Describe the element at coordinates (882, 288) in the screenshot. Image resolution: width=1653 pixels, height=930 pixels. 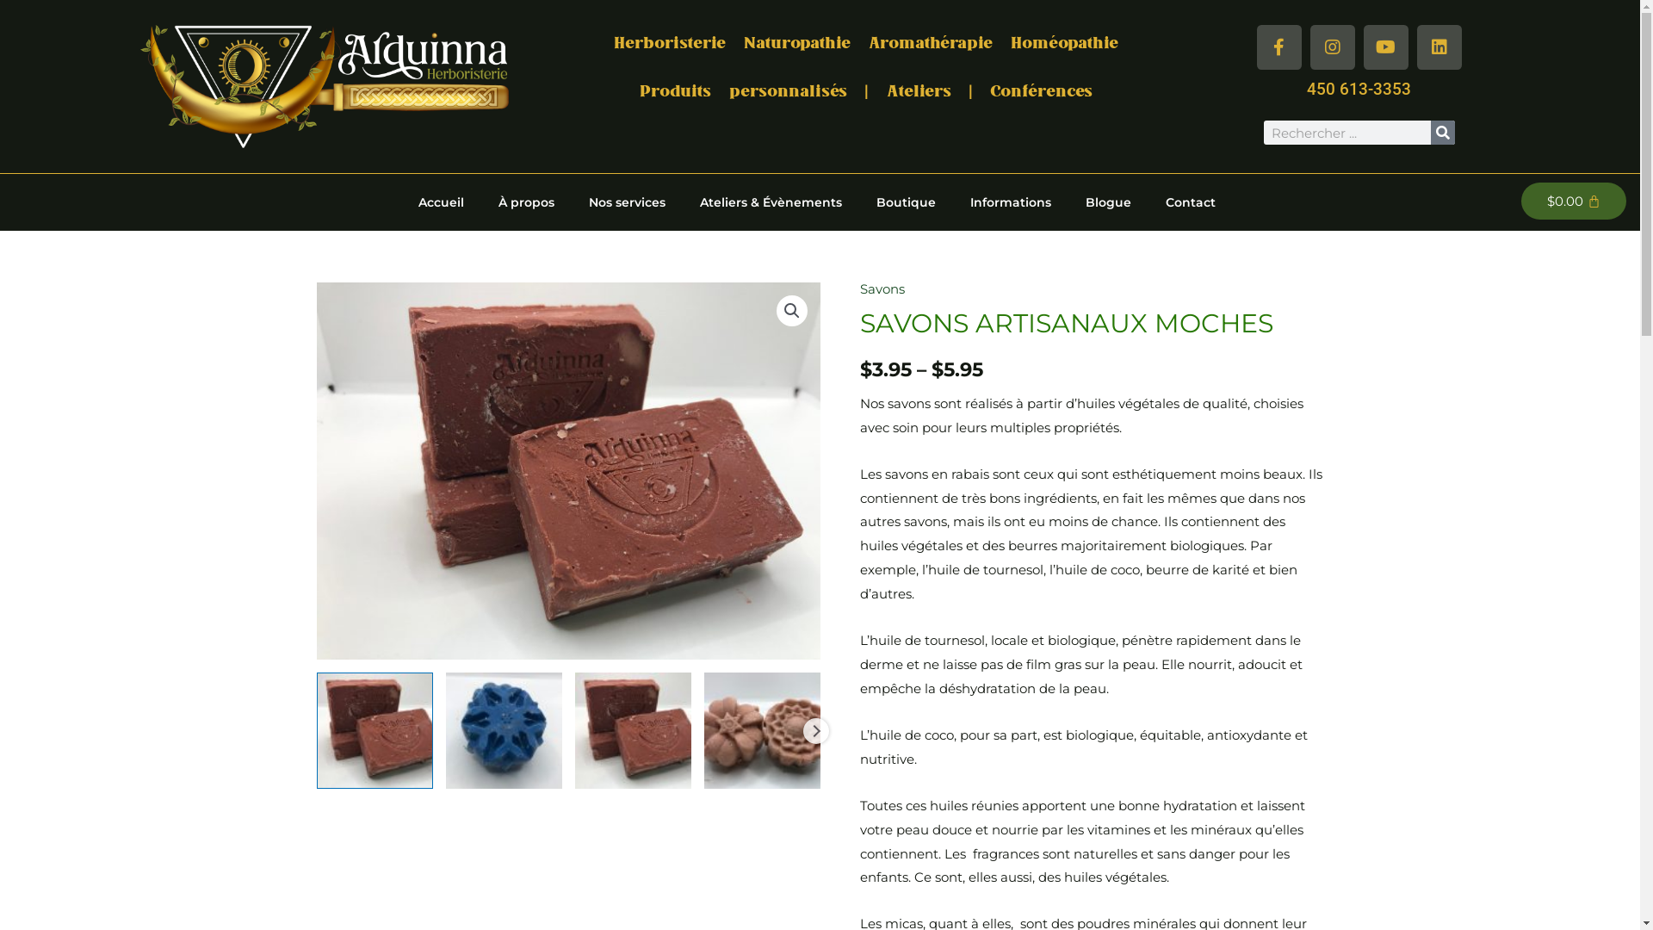
I see `'Savons'` at that location.